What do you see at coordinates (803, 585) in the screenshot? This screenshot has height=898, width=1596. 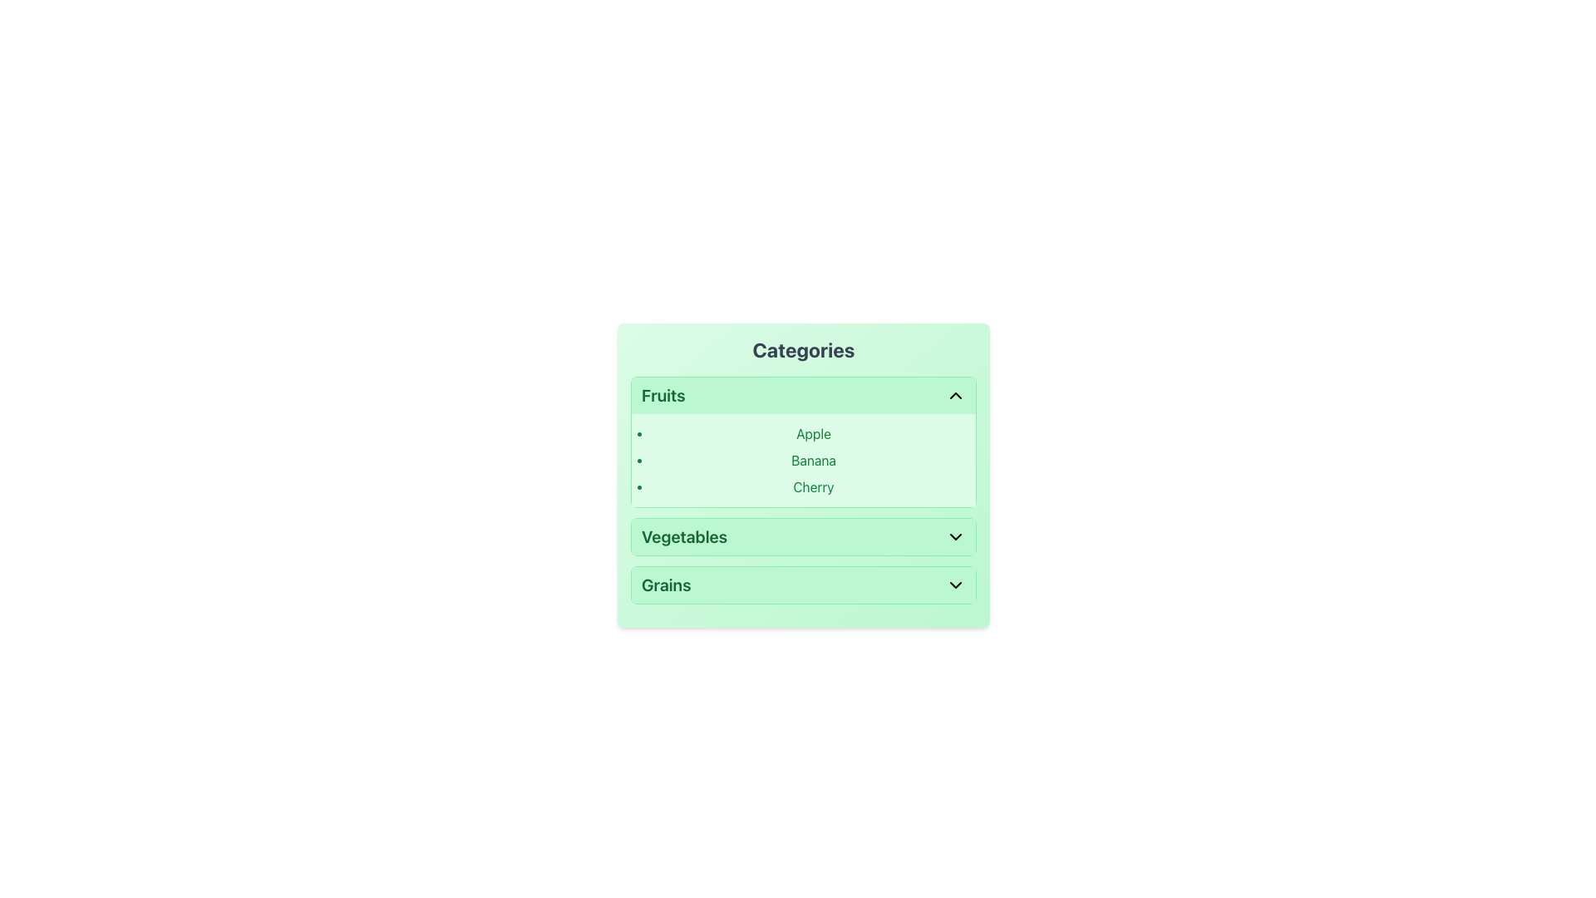 I see `the 'Grains' dropdown button, which is the third item in the 'Categories' list` at bounding box center [803, 585].